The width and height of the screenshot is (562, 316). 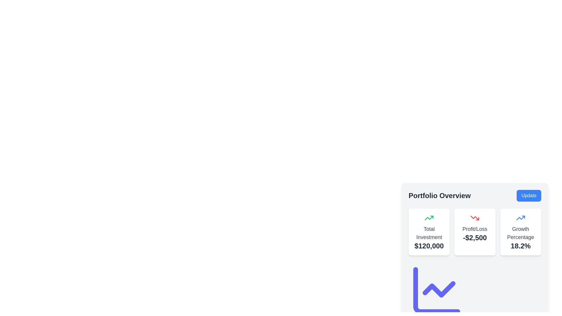 I want to click on the button located in the top-right corner of the 'Portfolio Overview' section, so click(x=529, y=195).